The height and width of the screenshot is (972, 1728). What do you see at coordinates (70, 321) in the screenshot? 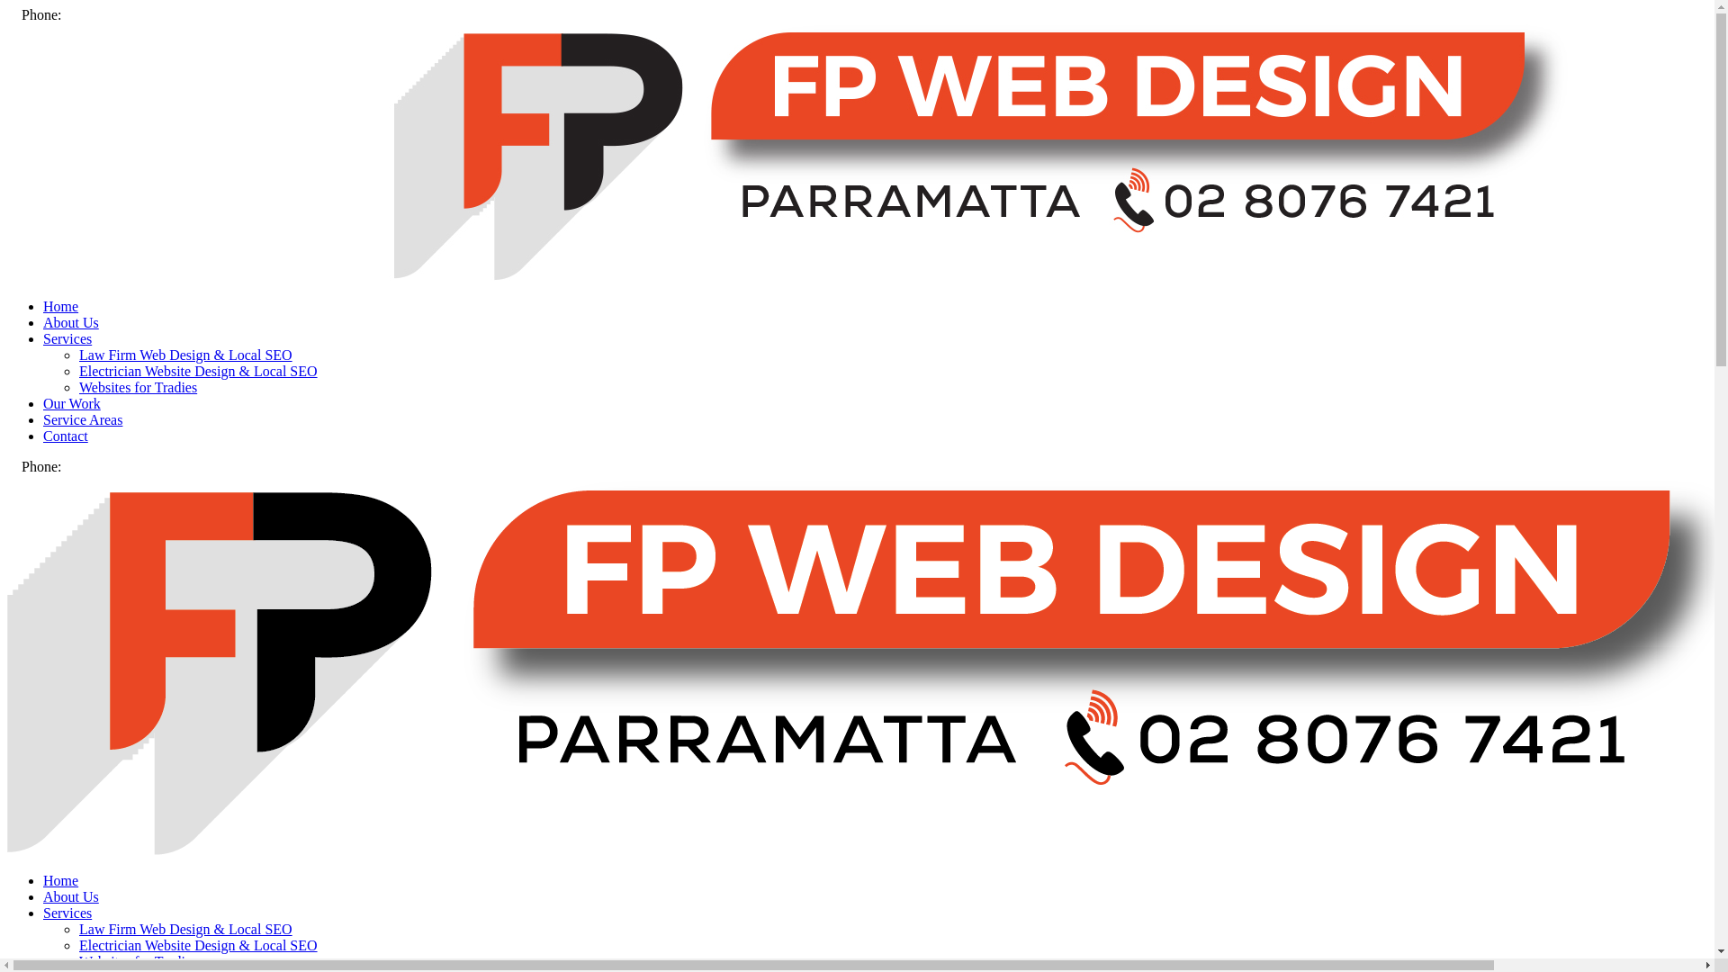
I see `'About Us'` at bounding box center [70, 321].